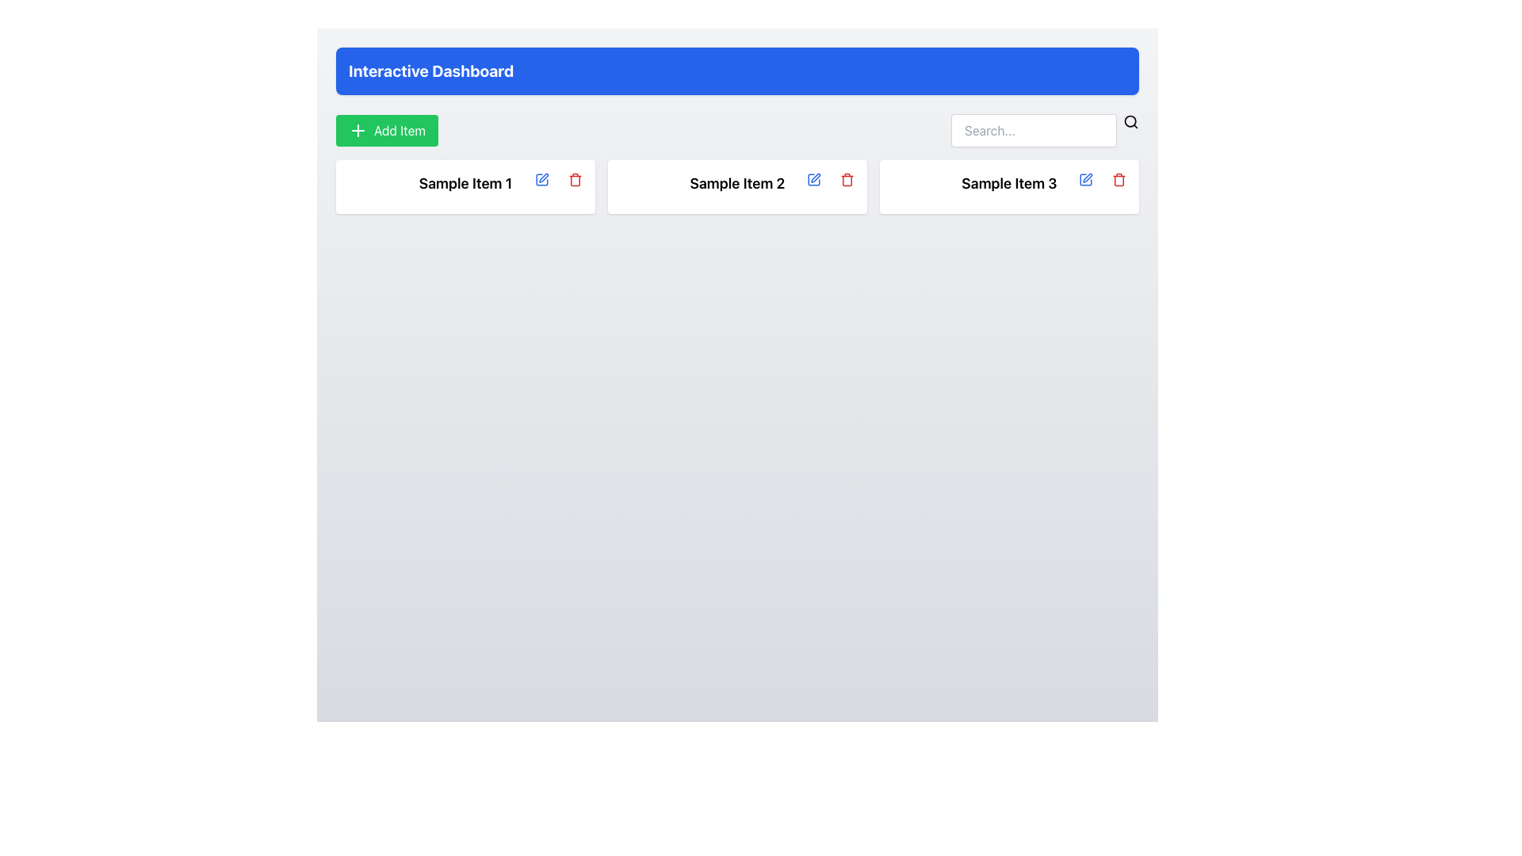 This screenshot has width=1522, height=856. Describe the element at coordinates (1045, 130) in the screenshot. I see `the Search Bar located at the top-right corner of the interface` at that location.